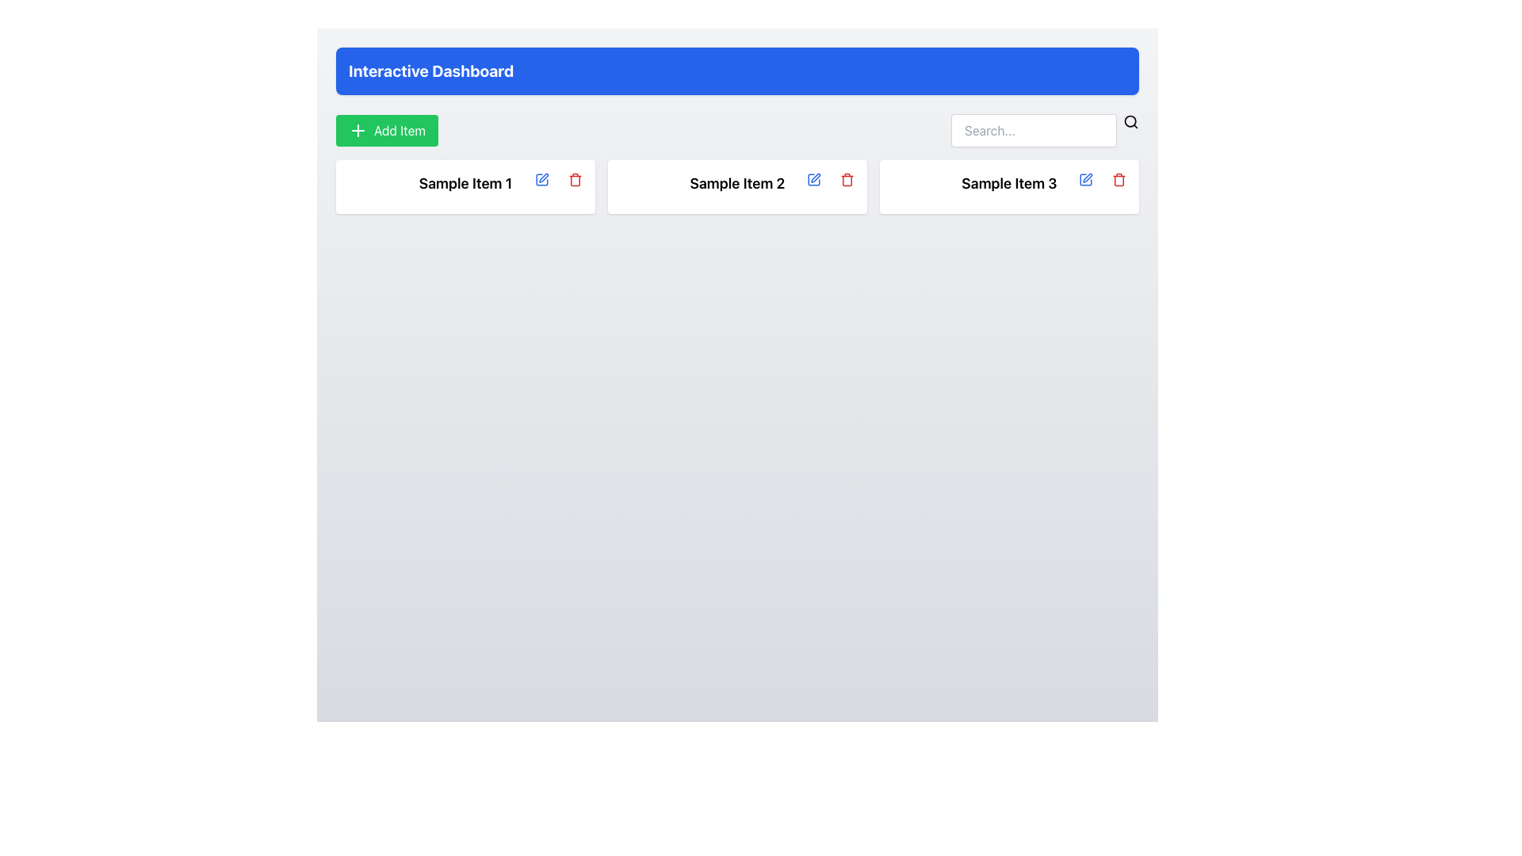 This screenshot has width=1522, height=856. Describe the element at coordinates (1045, 130) in the screenshot. I see `the Search Bar located at the top-right corner of the interface` at that location.